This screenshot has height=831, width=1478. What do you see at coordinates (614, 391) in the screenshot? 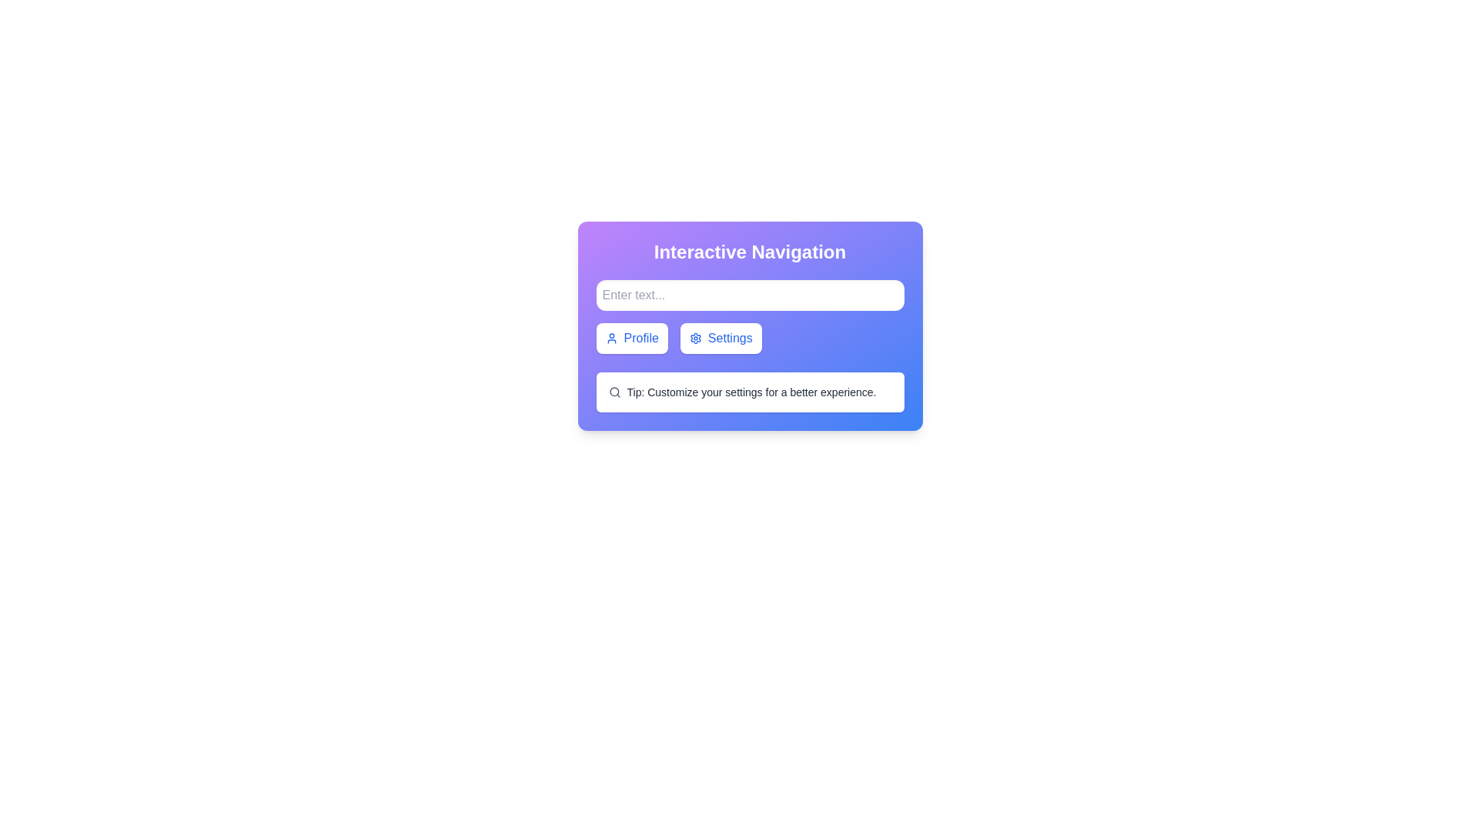
I see `the search icon located at the start of the text 'Tip: Customize your settings for a better experience.'` at bounding box center [614, 391].